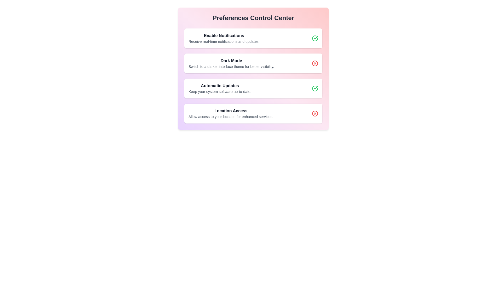  What do you see at coordinates (315, 38) in the screenshot?
I see `the thin green outline circular icon located to the right of the 'Automatic Updates' text in the interface` at bounding box center [315, 38].